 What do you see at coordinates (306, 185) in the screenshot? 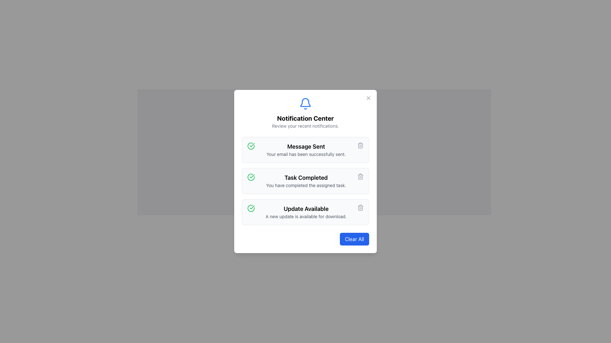
I see `the text label located directly below the 'Task Completed' heading in the 'Notification Center' modal` at bounding box center [306, 185].